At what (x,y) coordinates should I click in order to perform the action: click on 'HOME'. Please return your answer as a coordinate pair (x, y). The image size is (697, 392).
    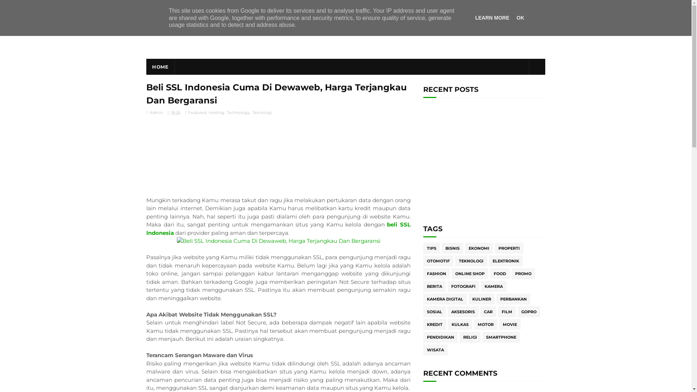
    Looking at the image, I should click on (160, 67).